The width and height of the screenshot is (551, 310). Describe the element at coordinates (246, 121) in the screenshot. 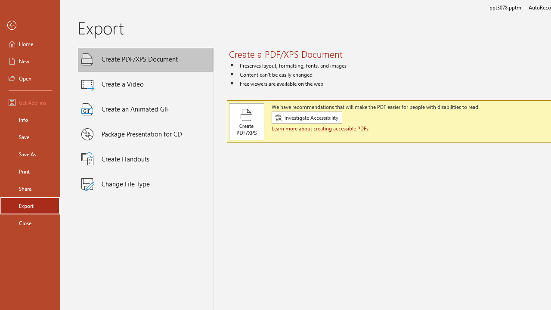

I see `'Create PDF/XPS'` at that location.